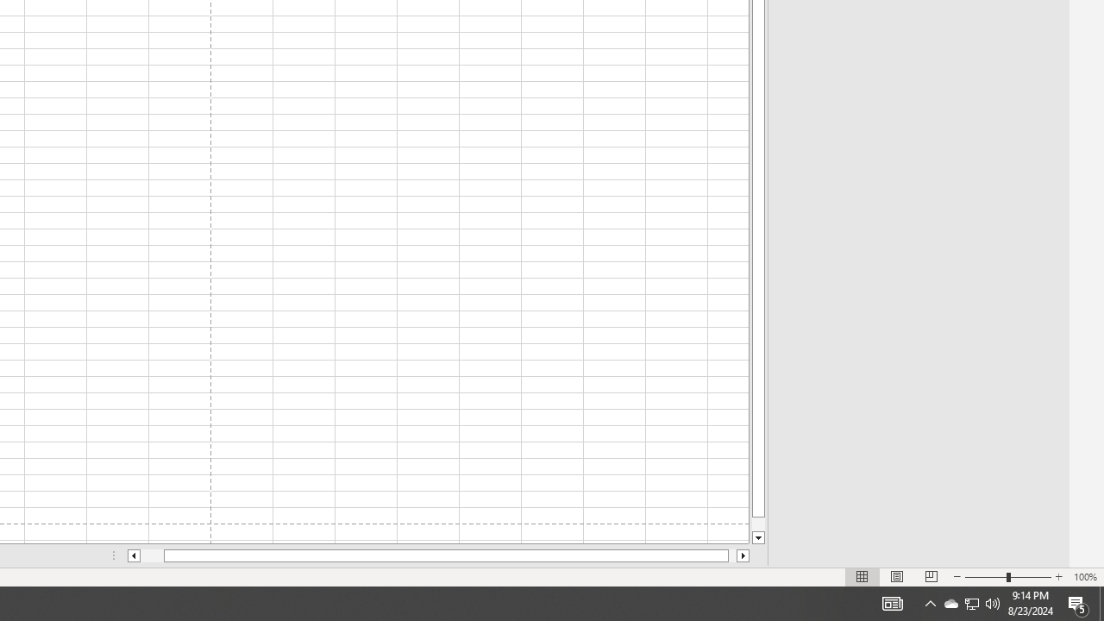 The image size is (1104, 621). Describe the element at coordinates (438, 555) in the screenshot. I see `'Class: NetUIScrollBar'` at that location.